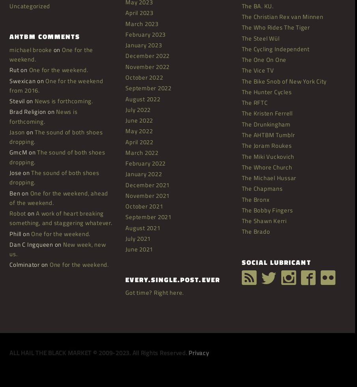 This screenshot has width=357, height=387. Describe the element at coordinates (143, 174) in the screenshot. I see `'January 2022'` at that location.